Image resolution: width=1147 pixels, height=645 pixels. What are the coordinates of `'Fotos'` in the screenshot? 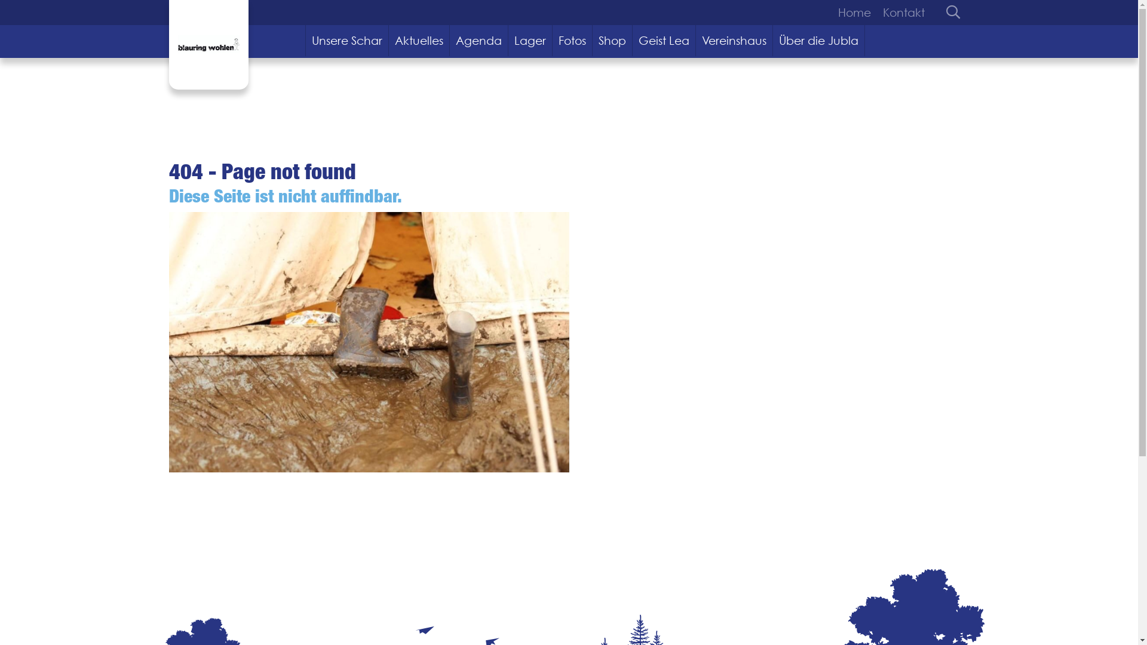 It's located at (572, 40).